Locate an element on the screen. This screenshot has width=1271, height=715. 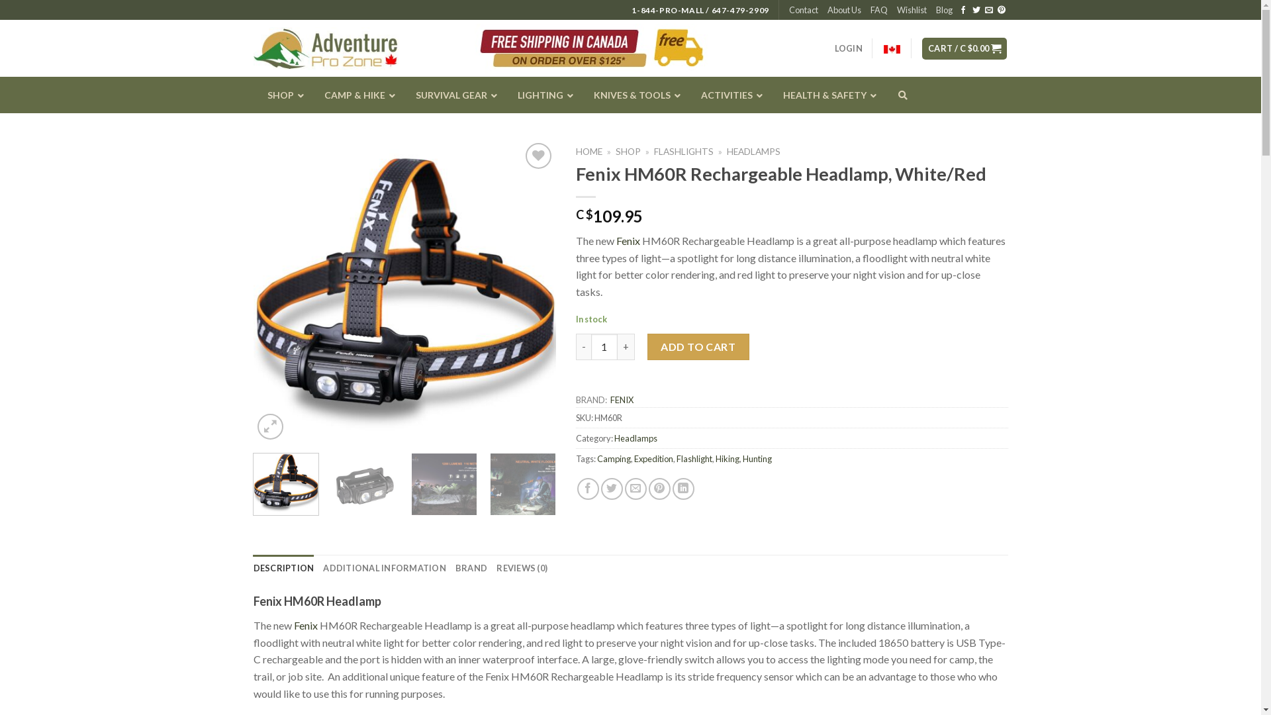
'Expedition' is located at coordinates (634, 458).